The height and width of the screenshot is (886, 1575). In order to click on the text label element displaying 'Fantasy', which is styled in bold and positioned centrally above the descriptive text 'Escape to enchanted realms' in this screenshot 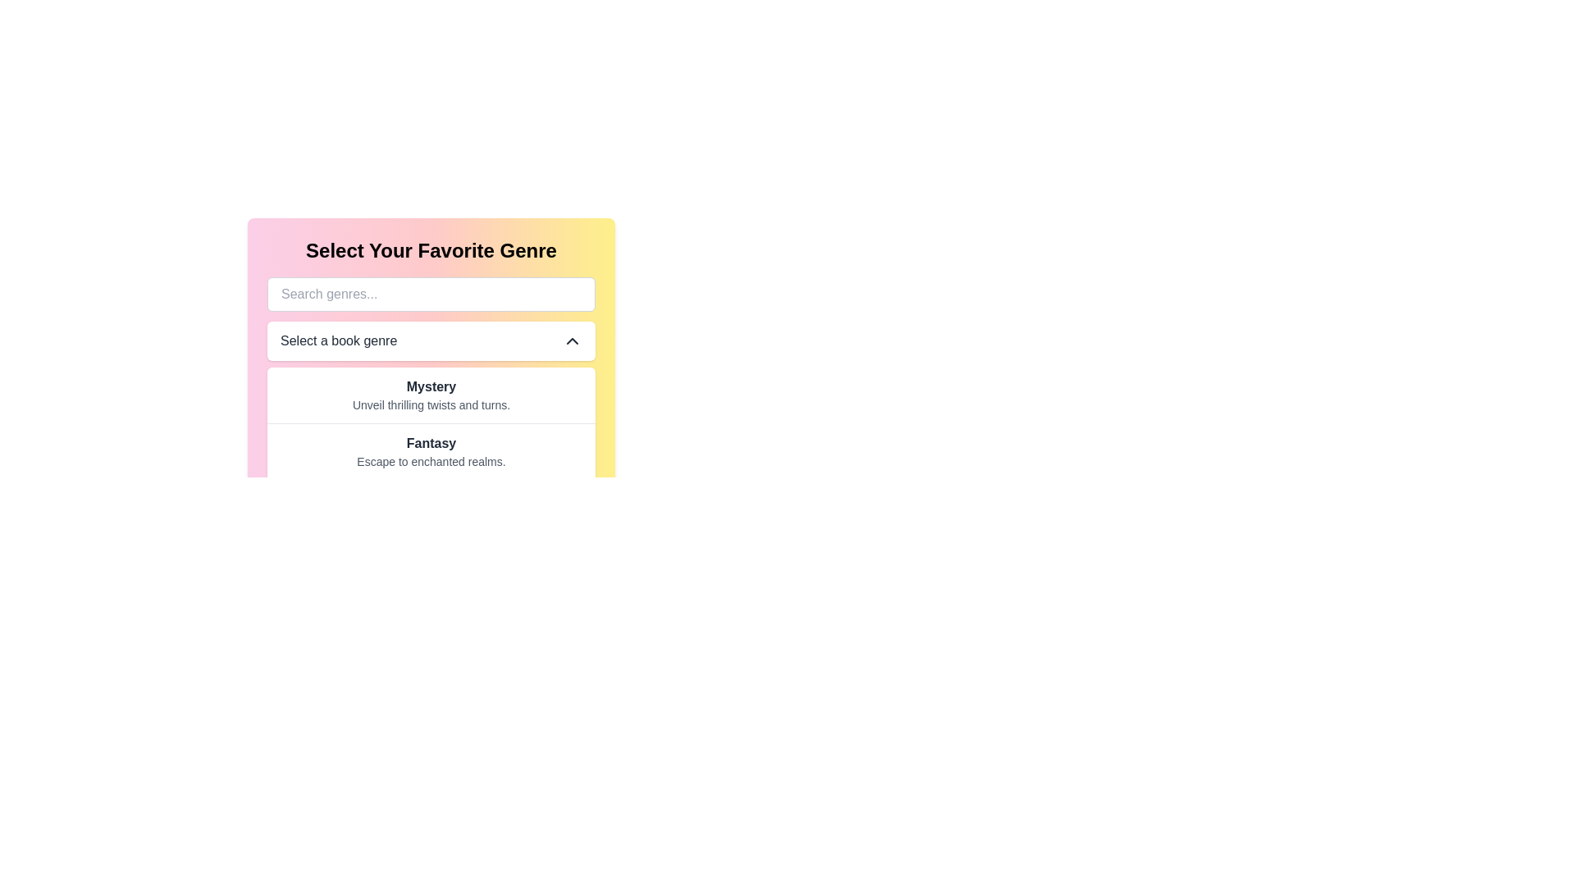, I will do `click(431, 443)`.